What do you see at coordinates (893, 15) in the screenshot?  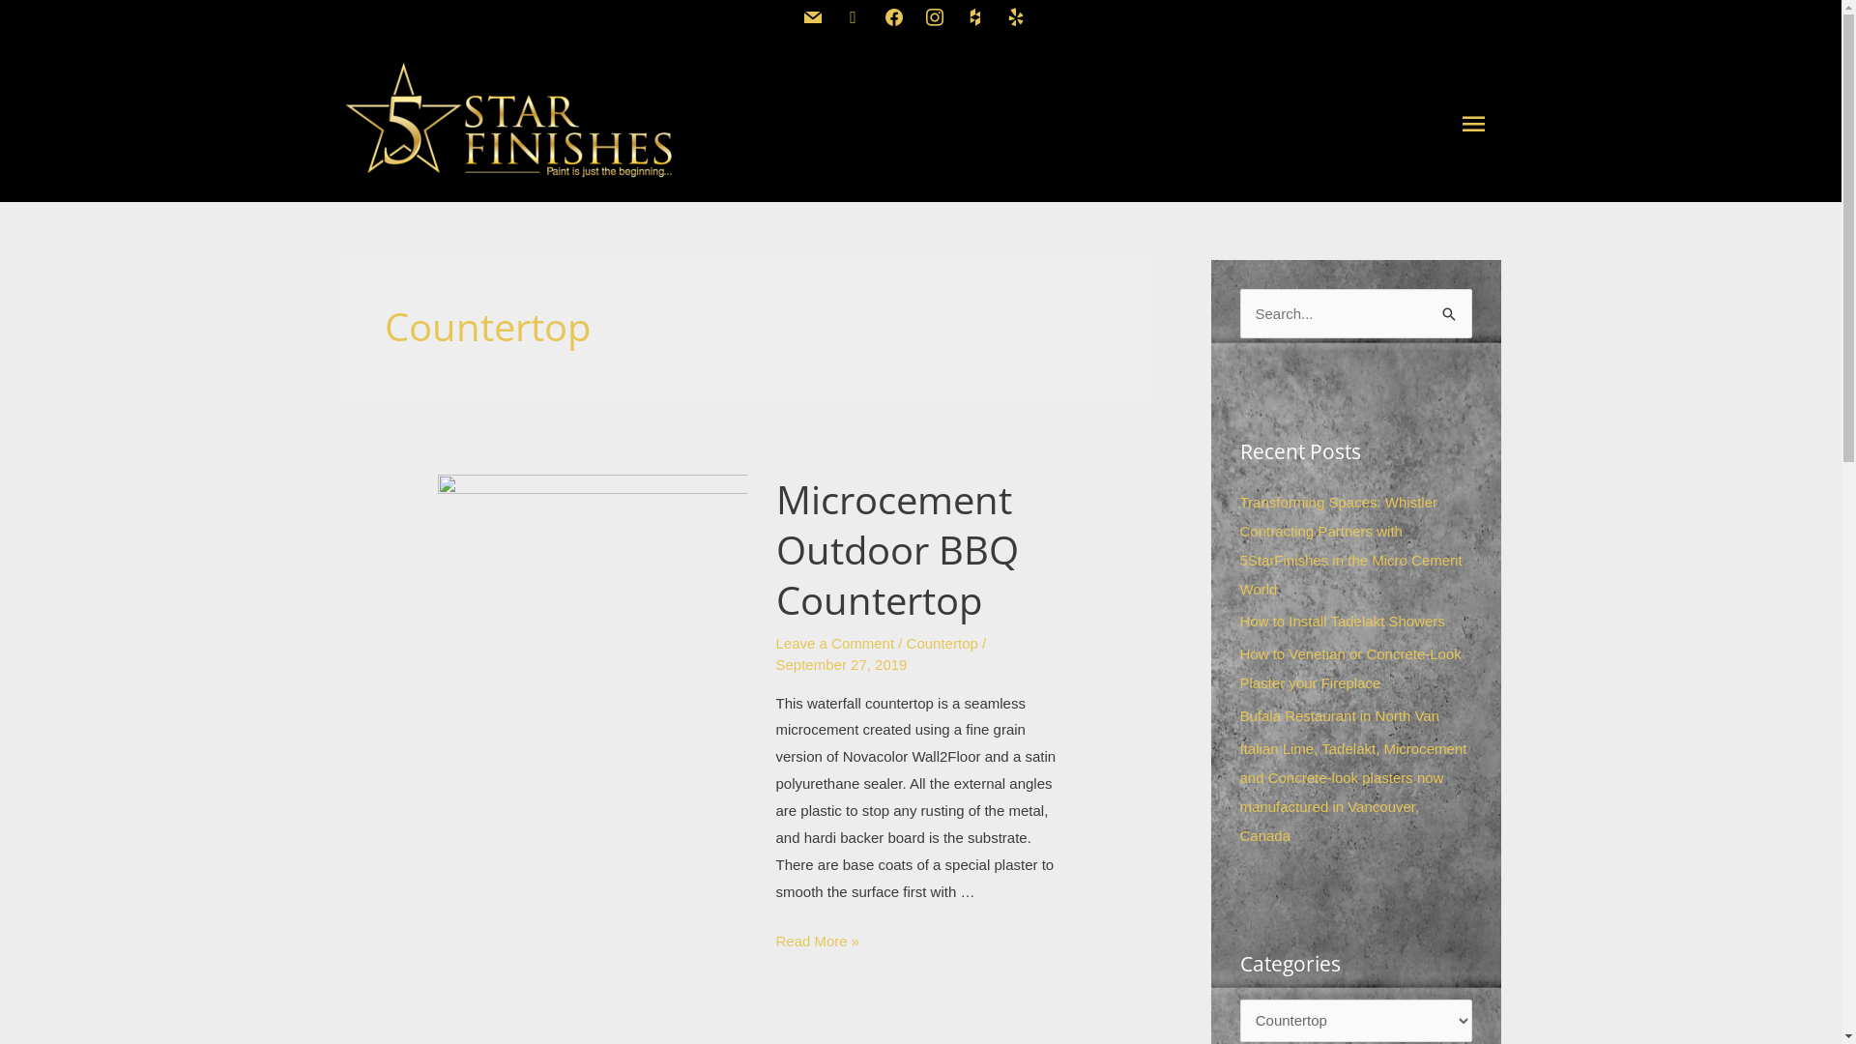 I see `'facebook2'` at bounding box center [893, 15].